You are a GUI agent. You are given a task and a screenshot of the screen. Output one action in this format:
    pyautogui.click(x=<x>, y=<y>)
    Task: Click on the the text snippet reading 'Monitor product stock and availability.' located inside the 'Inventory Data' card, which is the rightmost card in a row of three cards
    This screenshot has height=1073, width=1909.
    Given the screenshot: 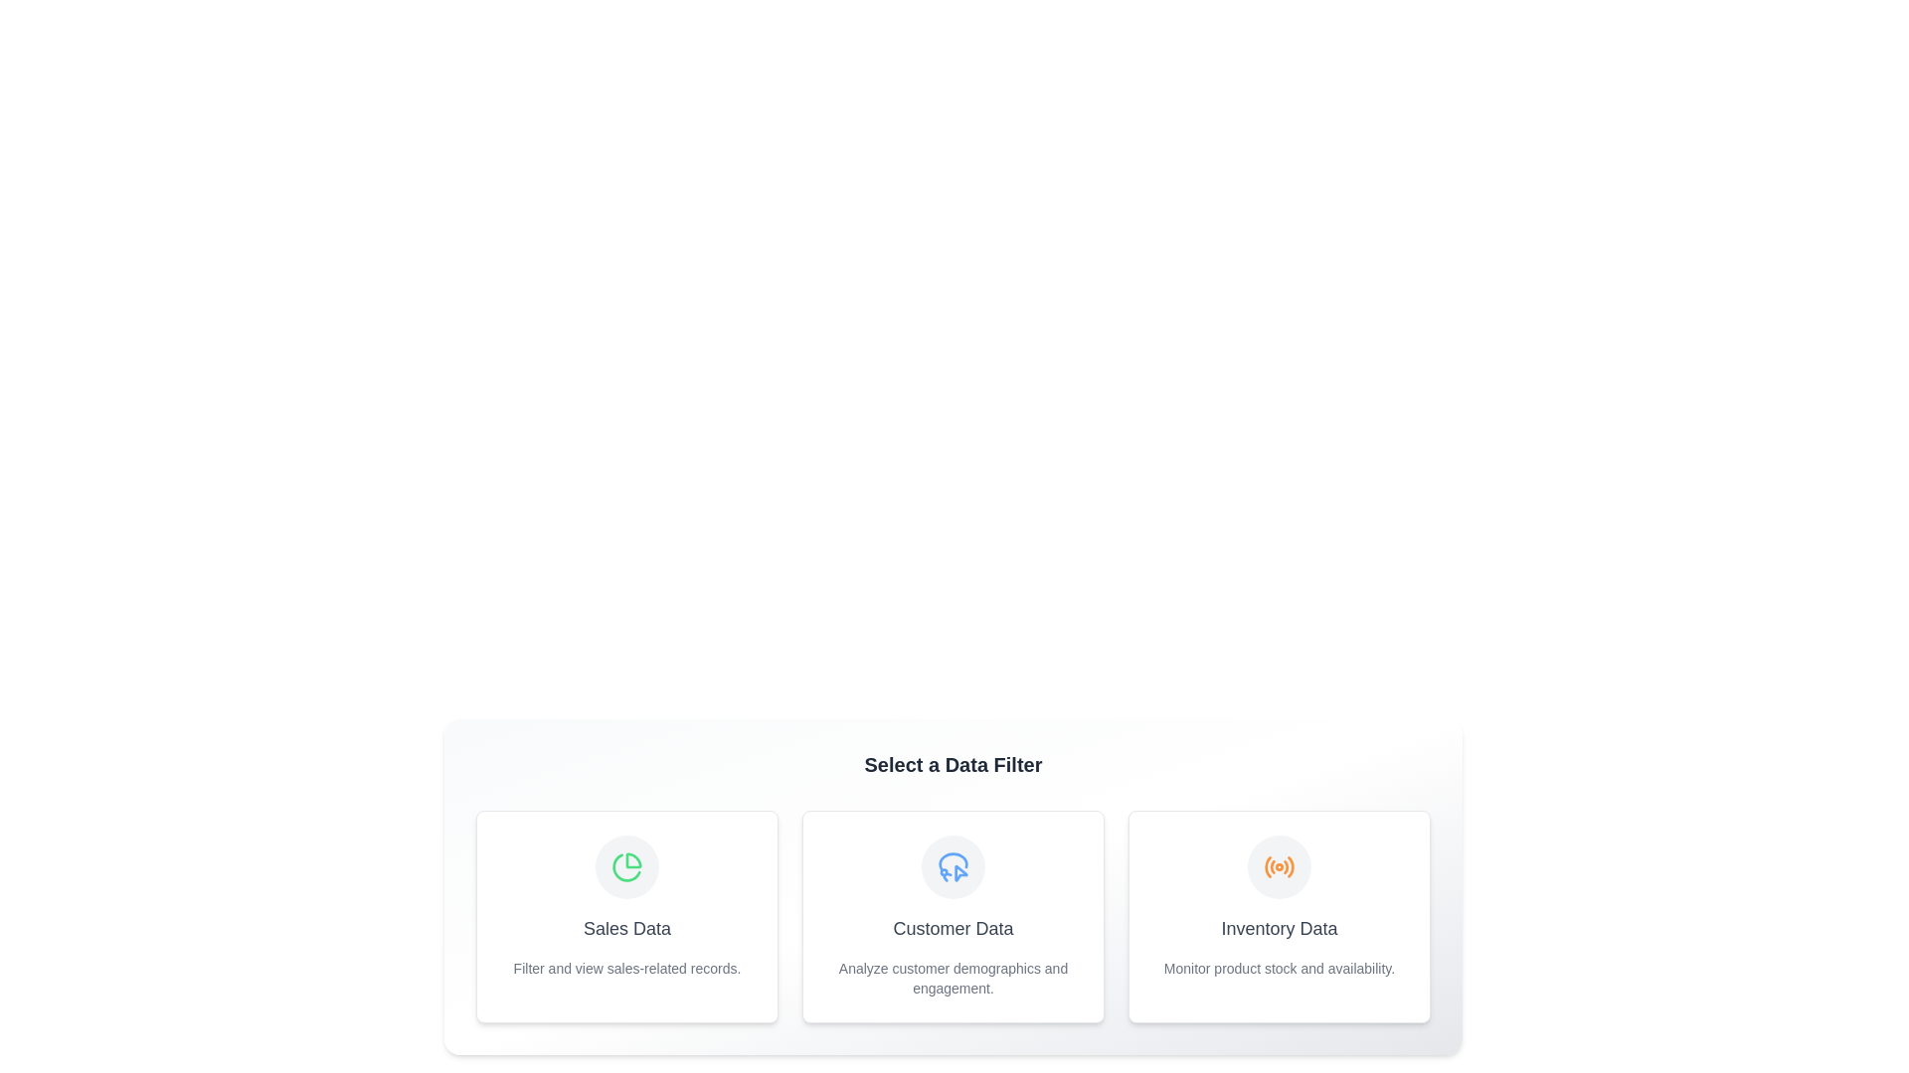 What is the action you would take?
    pyautogui.click(x=1279, y=968)
    